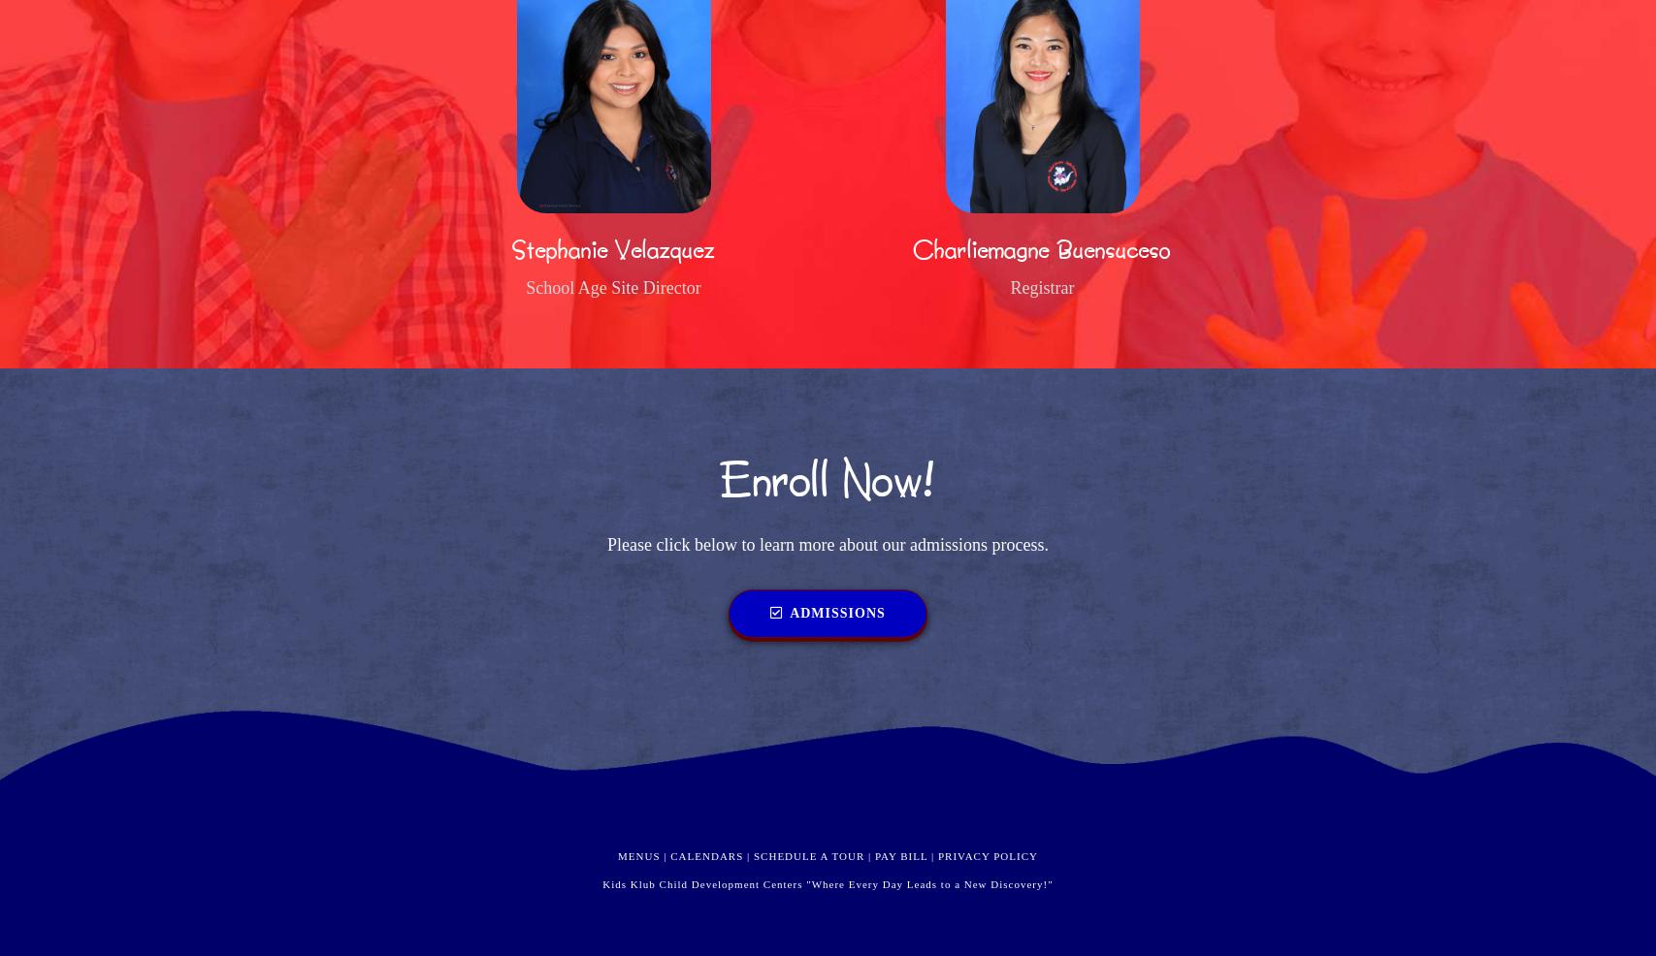  Describe the element at coordinates (827, 882) in the screenshot. I see `'Kids Klub Child Development Centers "Where Every Day Leads to a New Discovery!"'` at that location.